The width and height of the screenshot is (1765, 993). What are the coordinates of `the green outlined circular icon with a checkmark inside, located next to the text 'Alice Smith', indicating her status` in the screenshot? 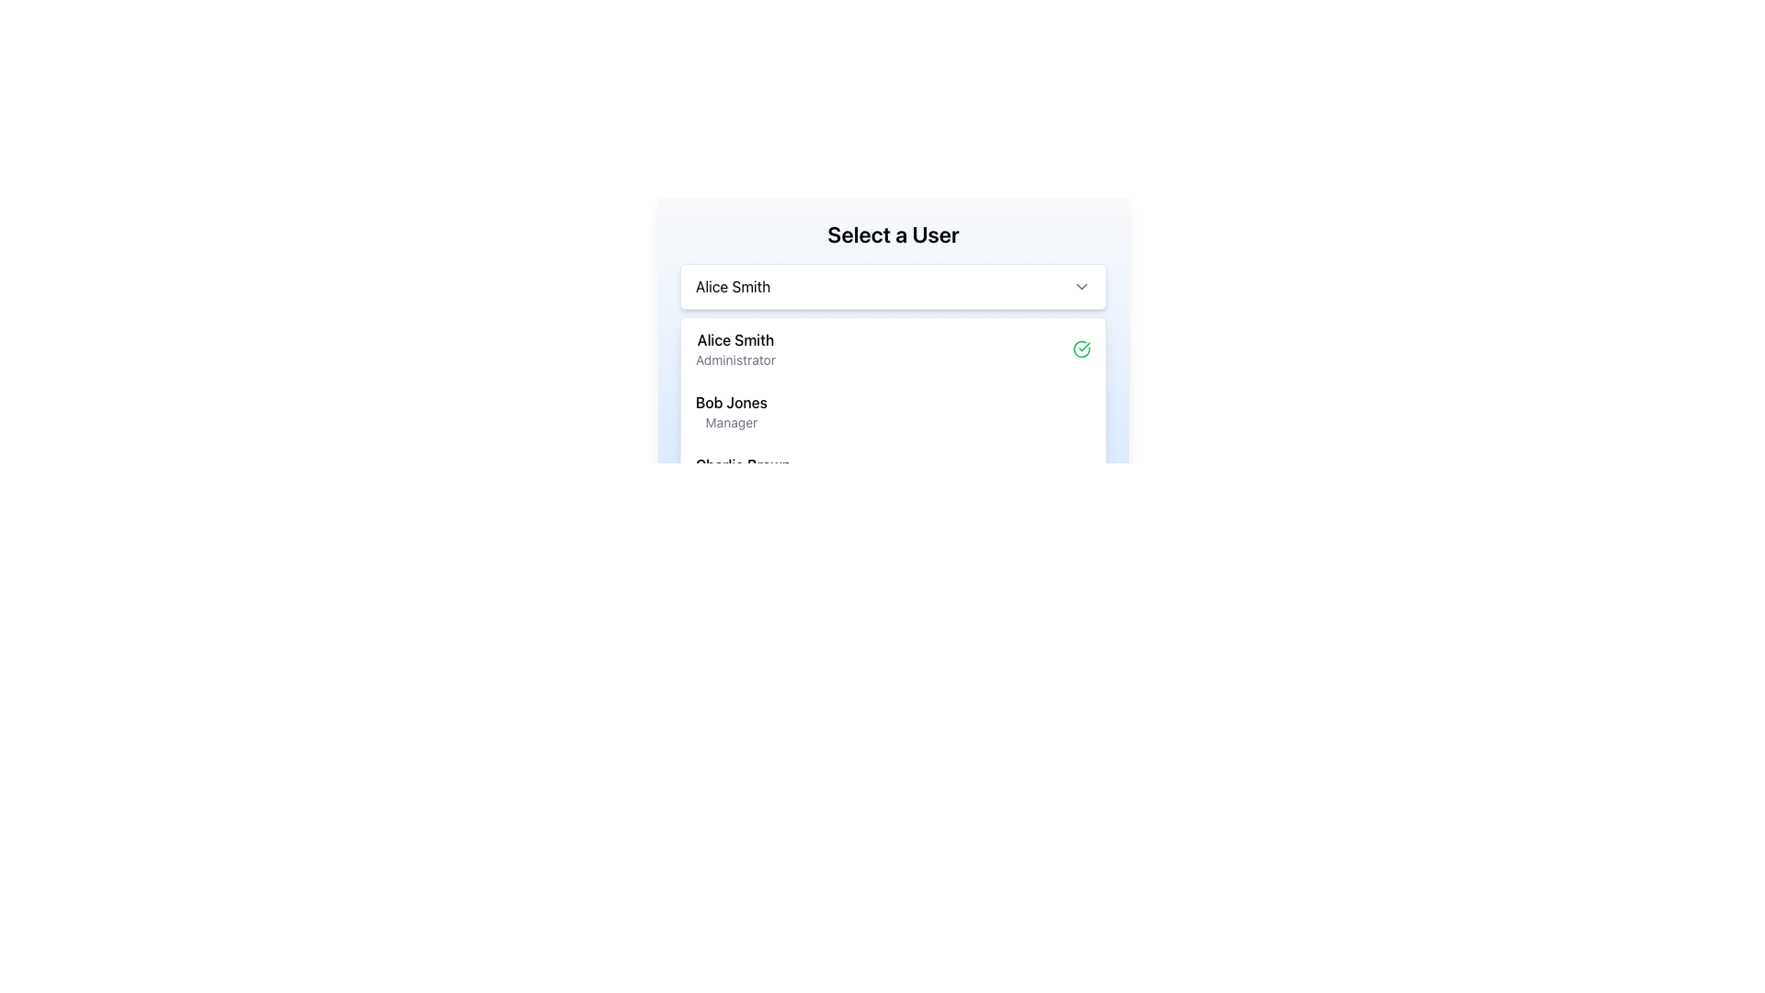 It's located at (1081, 349).